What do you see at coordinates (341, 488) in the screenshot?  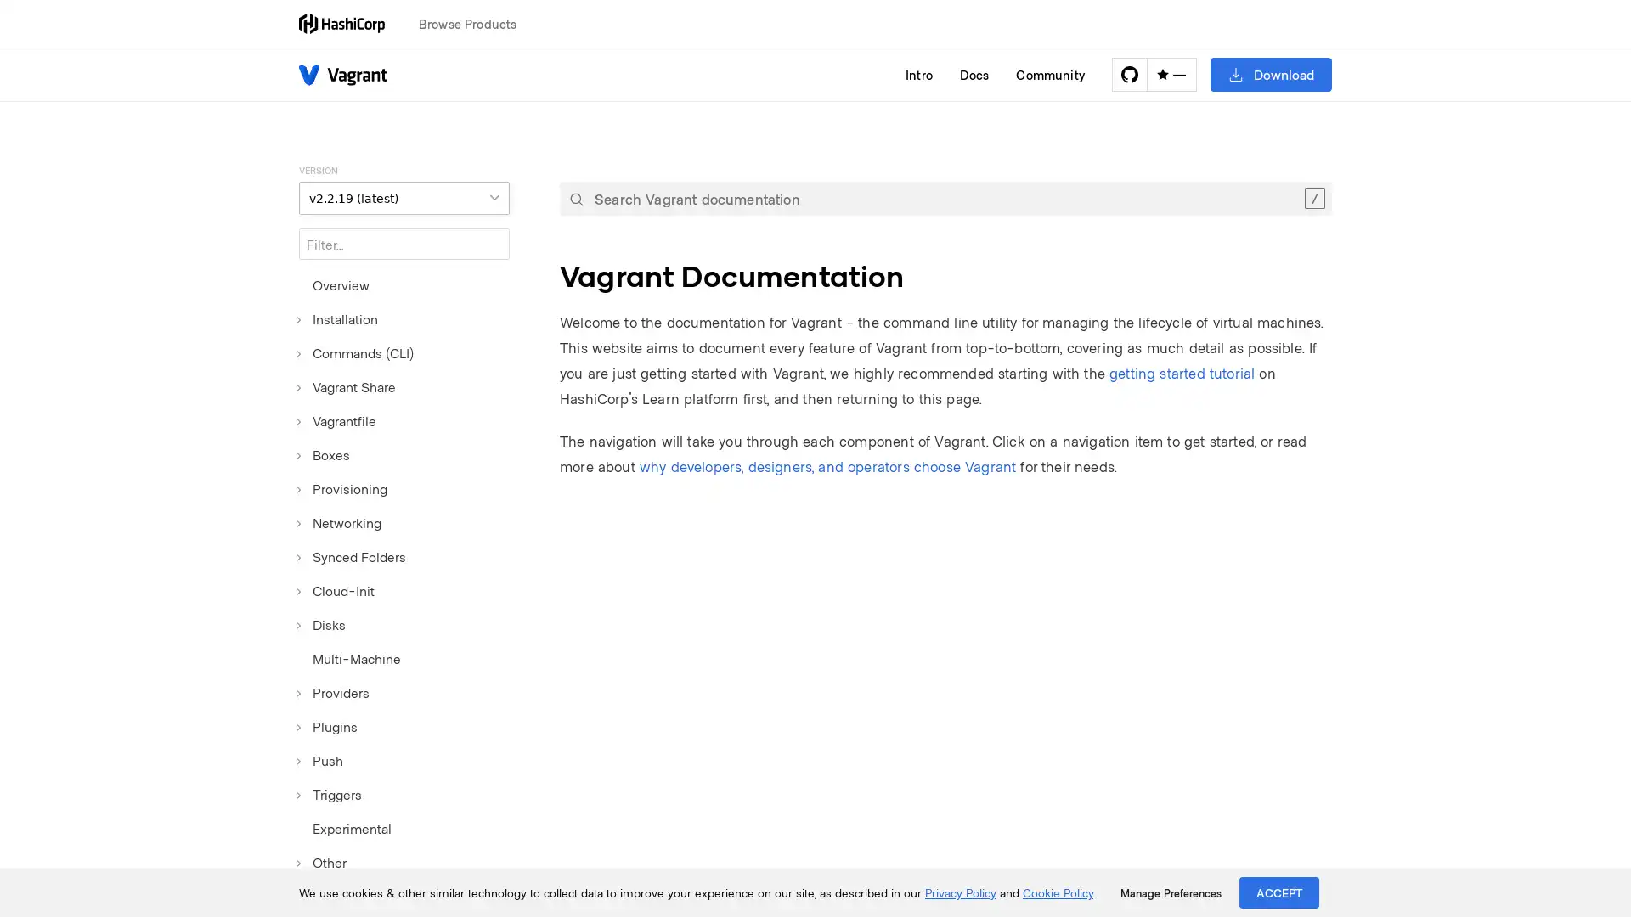 I see `Provisioning` at bounding box center [341, 488].